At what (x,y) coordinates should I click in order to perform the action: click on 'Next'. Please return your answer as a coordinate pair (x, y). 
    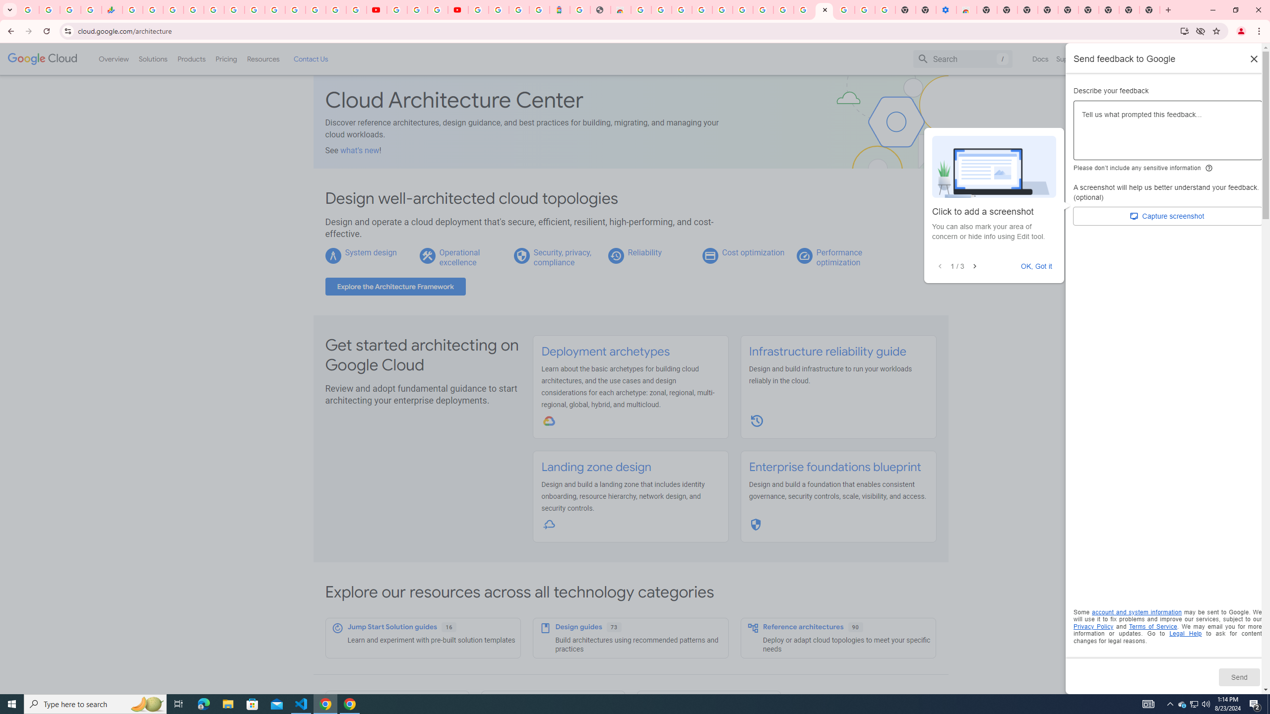
    Looking at the image, I should click on (974, 266).